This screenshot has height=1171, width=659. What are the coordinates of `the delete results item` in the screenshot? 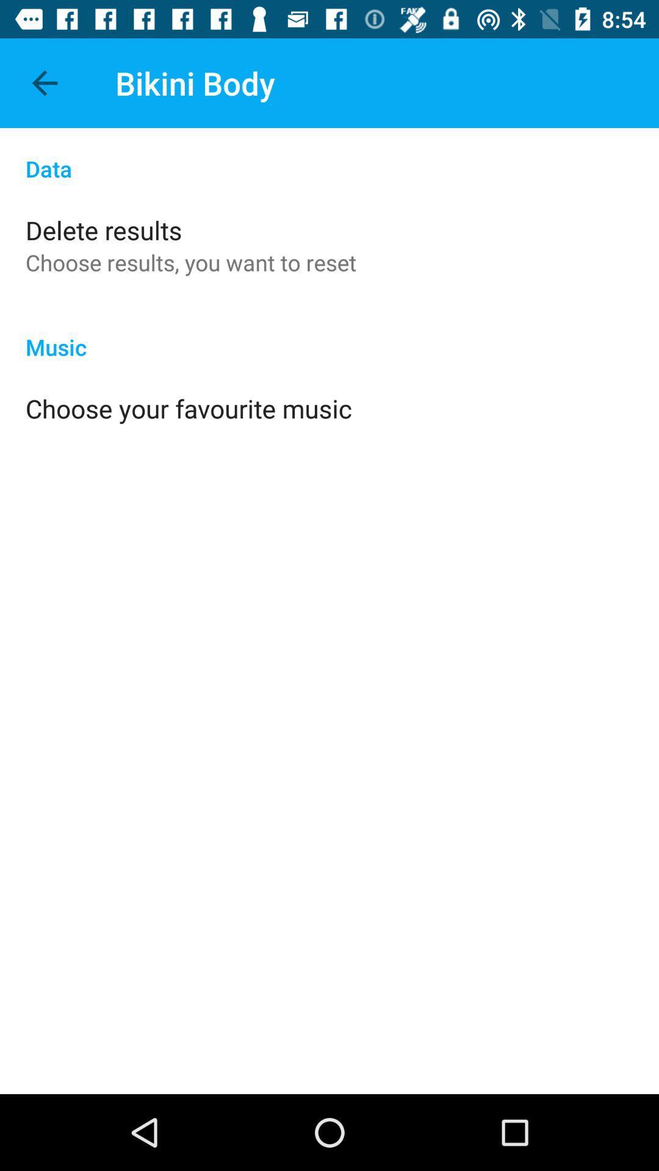 It's located at (103, 230).